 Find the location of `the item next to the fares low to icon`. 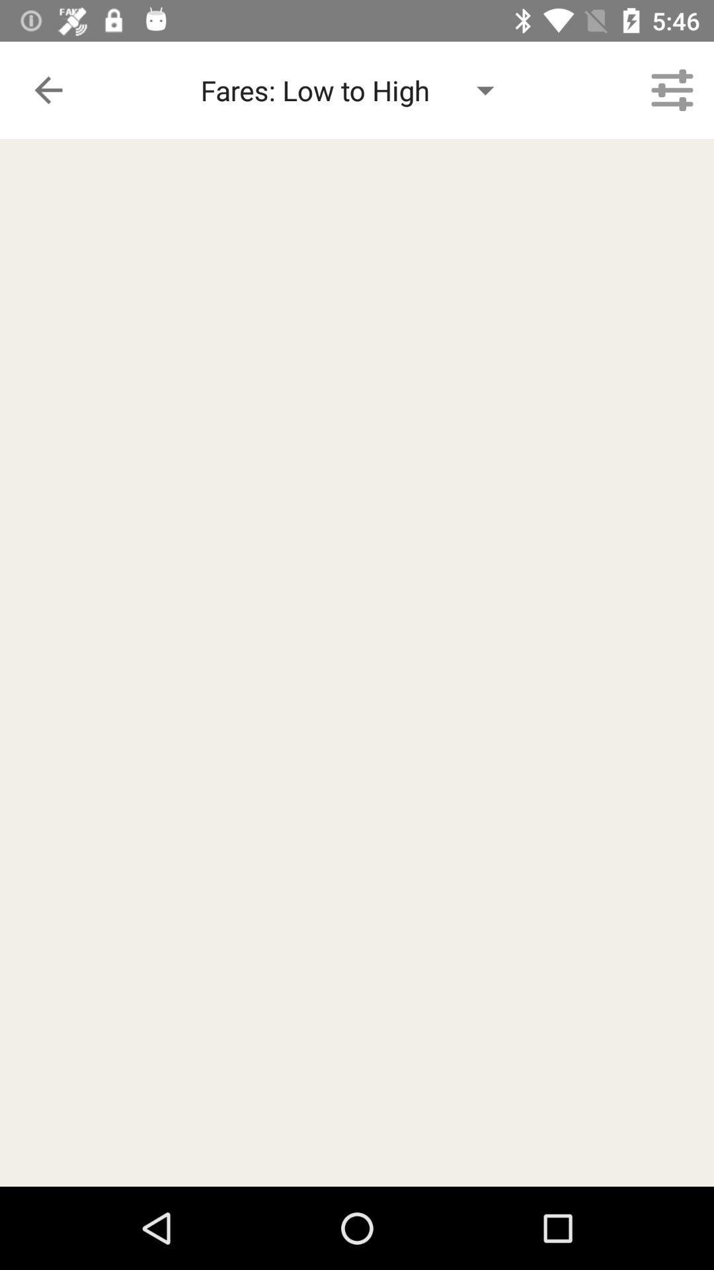

the item next to the fares low to icon is located at coordinates (48, 89).